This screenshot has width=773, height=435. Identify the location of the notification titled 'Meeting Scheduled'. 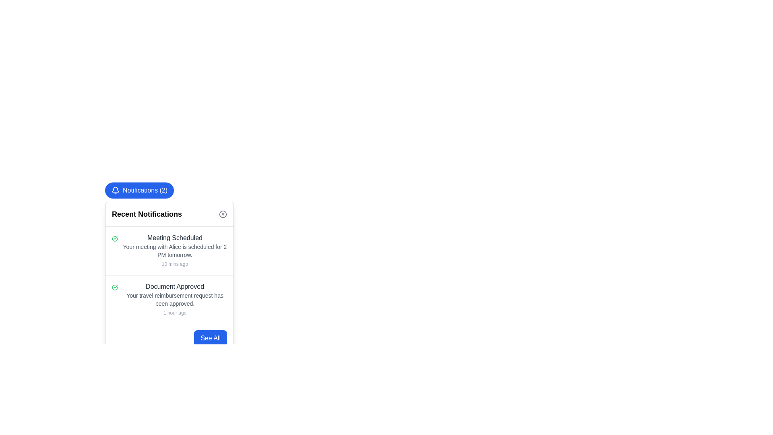
(174, 251).